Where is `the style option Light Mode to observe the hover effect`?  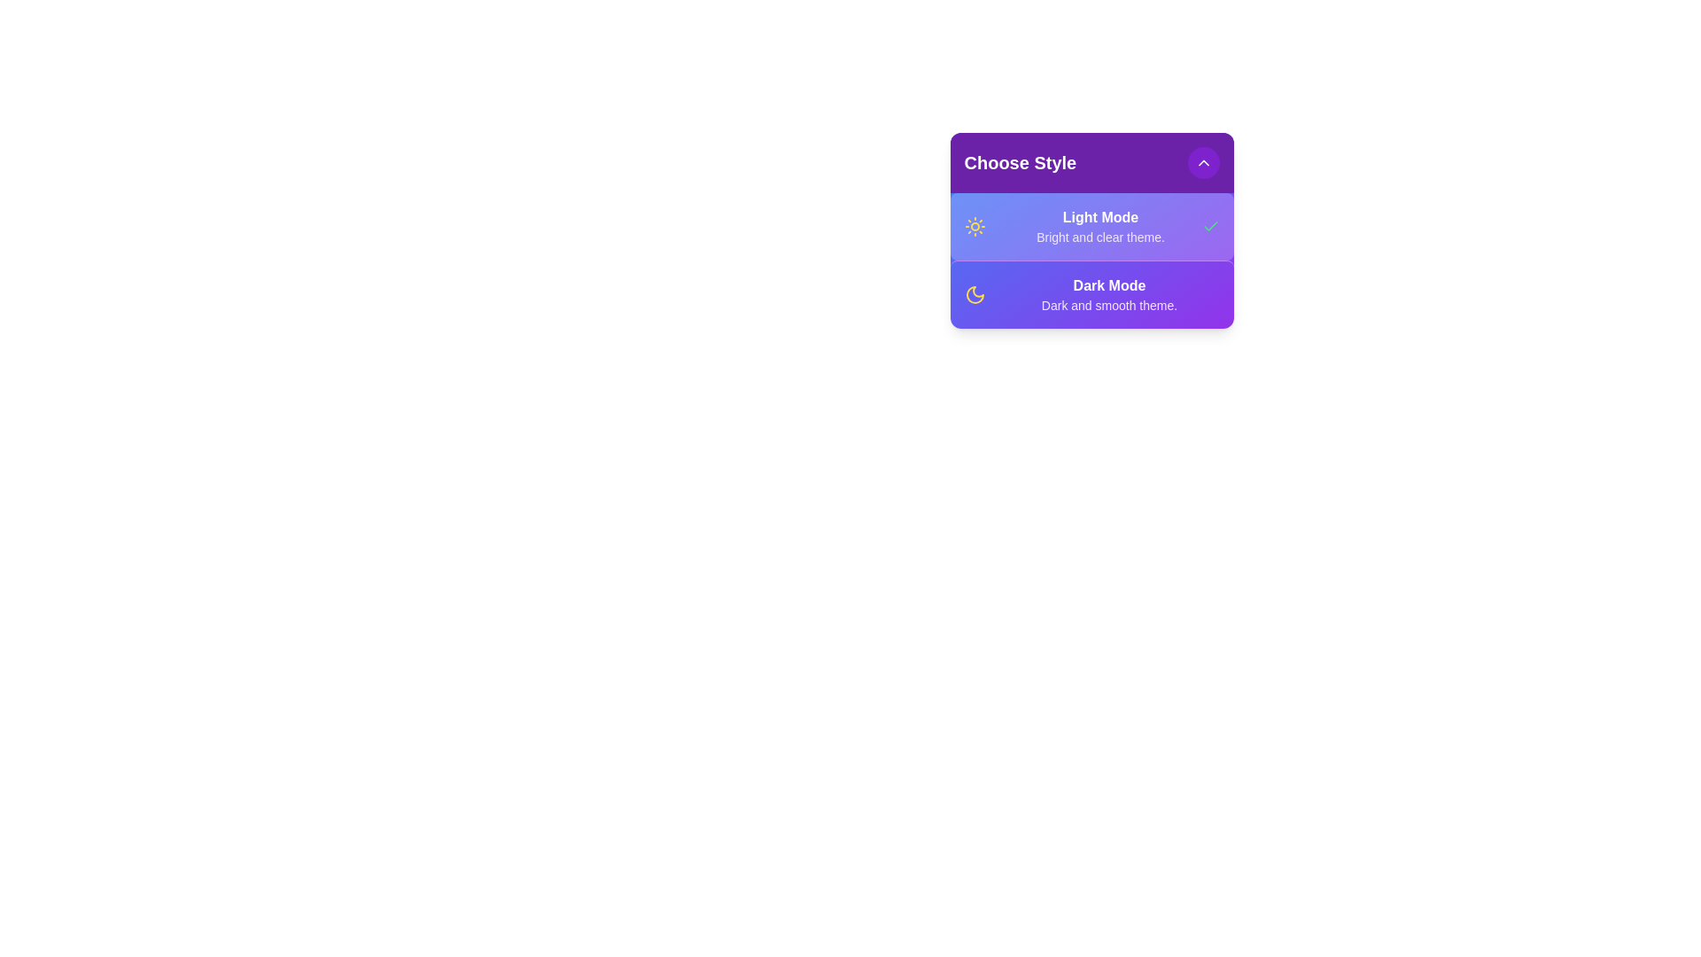
the style option Light Mode to observe the hover effect is located at coordinates (1091, 225).